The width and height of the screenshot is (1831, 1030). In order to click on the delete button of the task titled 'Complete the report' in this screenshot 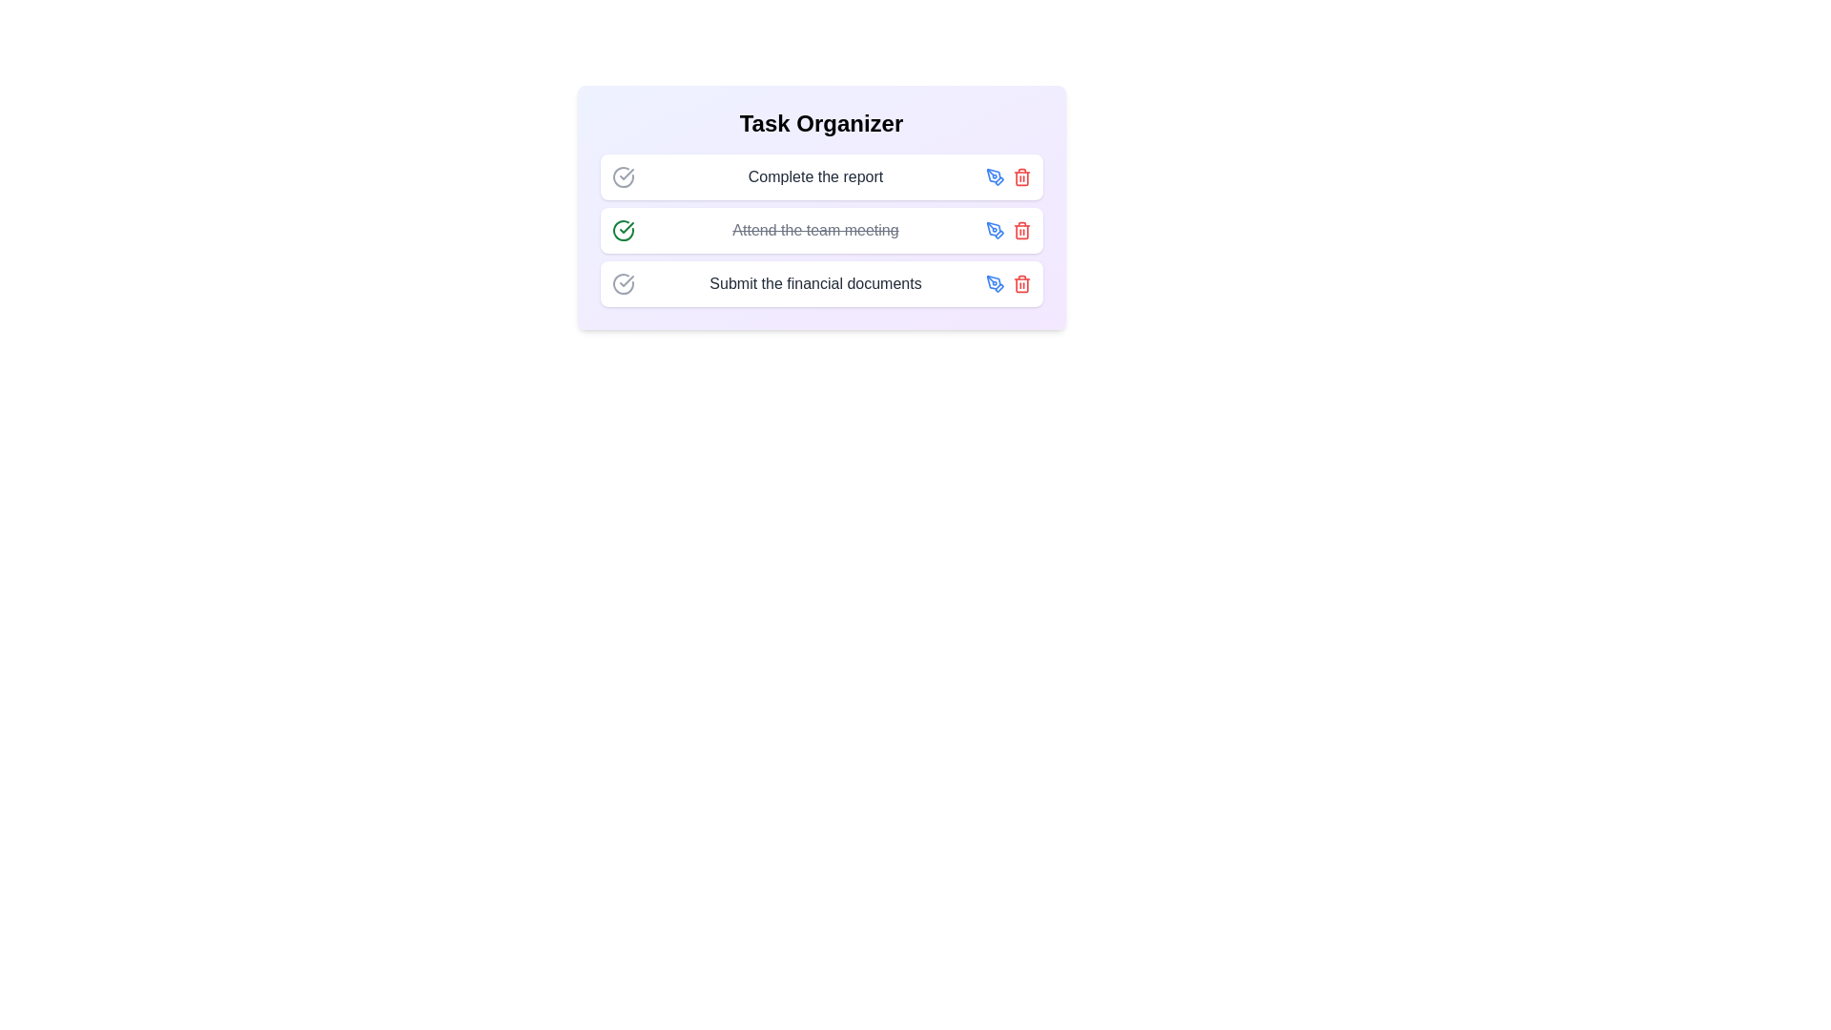, I will do `click(1020, 176)`.